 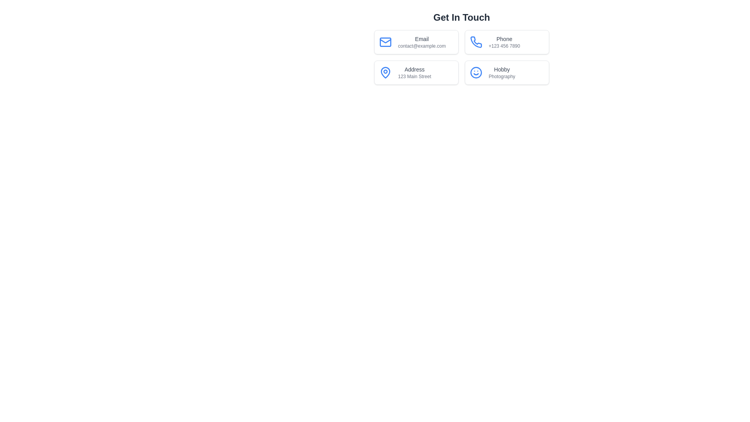 What do you see at coordinates (476, 72) in the screenshot?
I see `the smiley face icon in the 'Hobby' and 'Photography' card, located in the bottom-right section of the UI panel` at bounding box center [476, 72].